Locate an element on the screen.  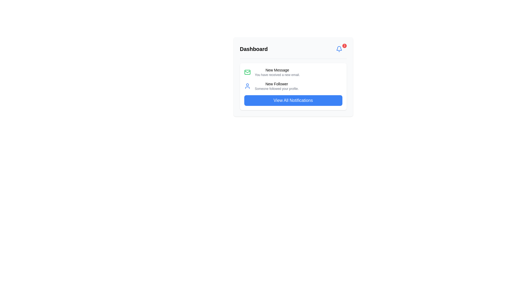
the information displayed in the notification text block that includes the title 'New Message' and the description 'You have received a new email.' is located at coordinates (277, 72).